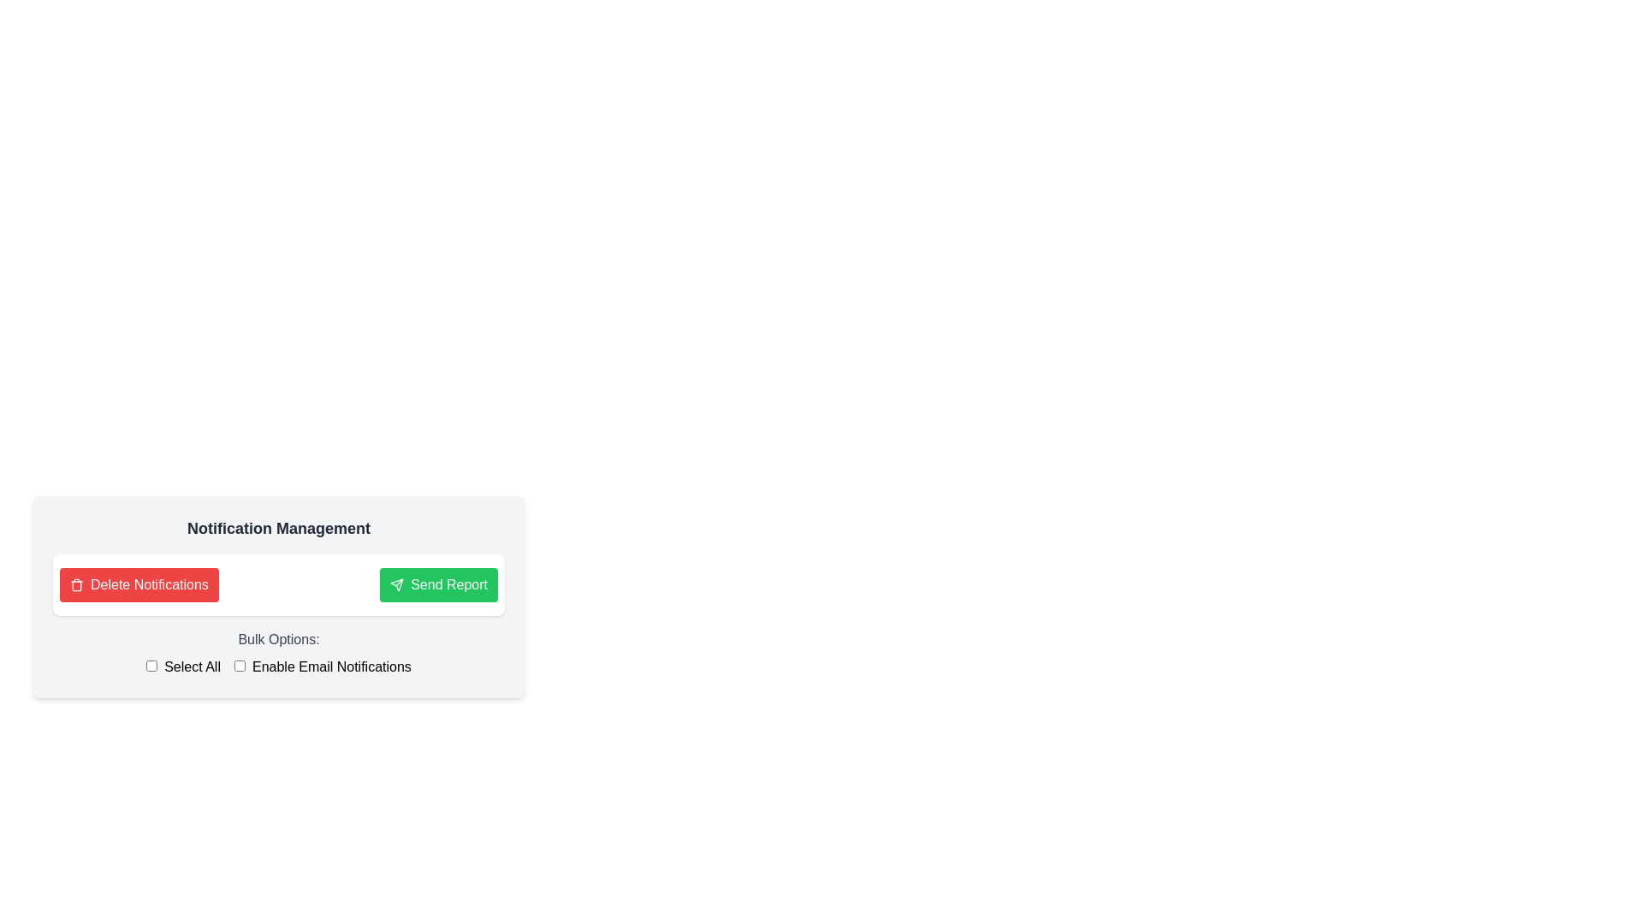 This screenshot has height=924, width=1643. Describe the element at coordinates (396, 583) in the screenshot. I see `the paper plane icon representing the send functionality, located to the left of the 'Send Report' text within the green button` at that location.